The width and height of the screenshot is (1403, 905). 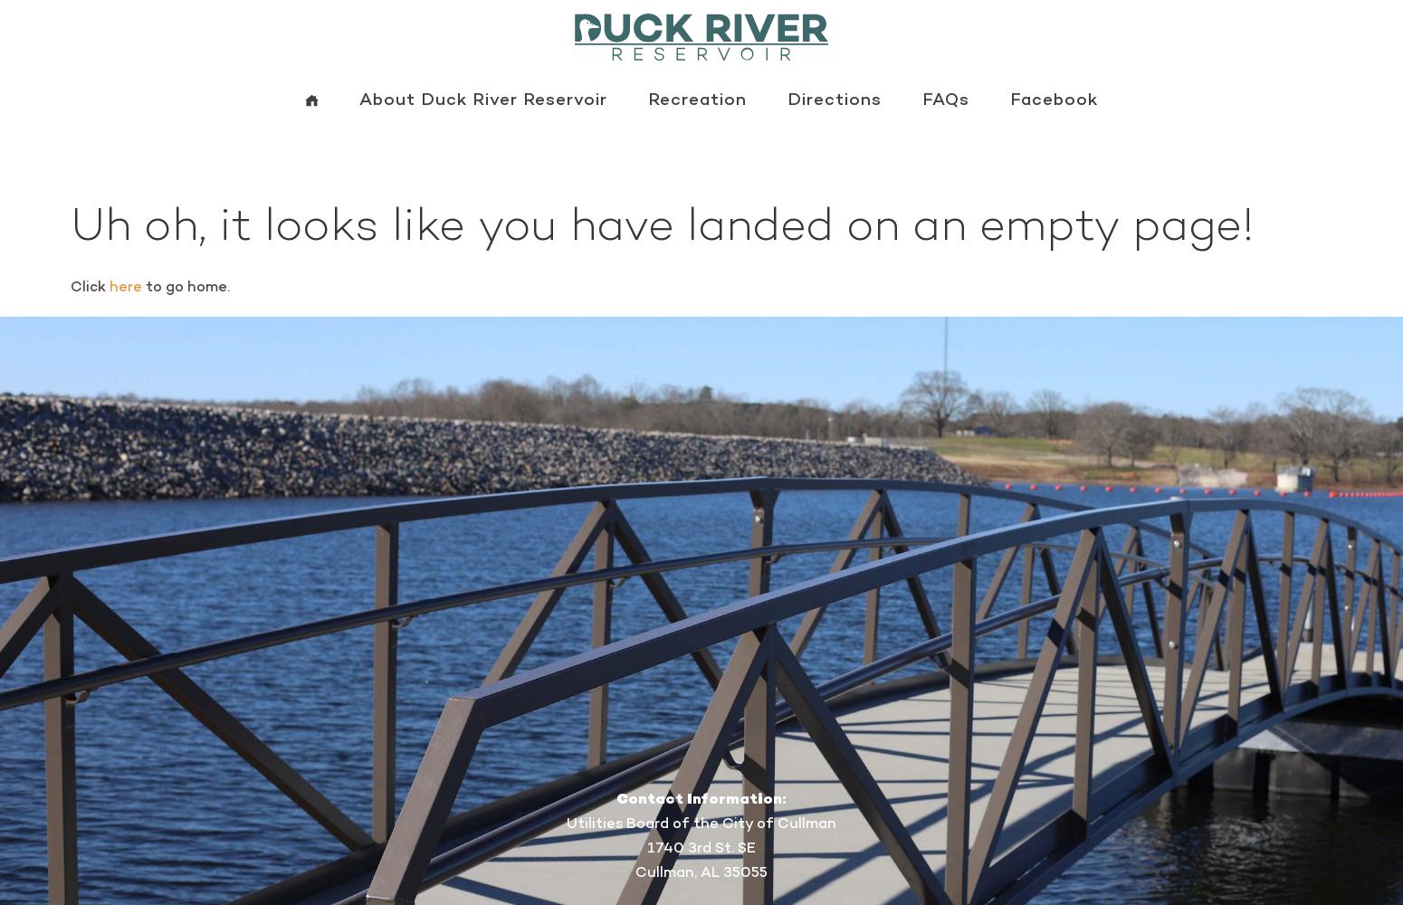 What do you see at coordinates (124, 285) in the screenshot?
I see `'here'` at bounding box center [124, 285].